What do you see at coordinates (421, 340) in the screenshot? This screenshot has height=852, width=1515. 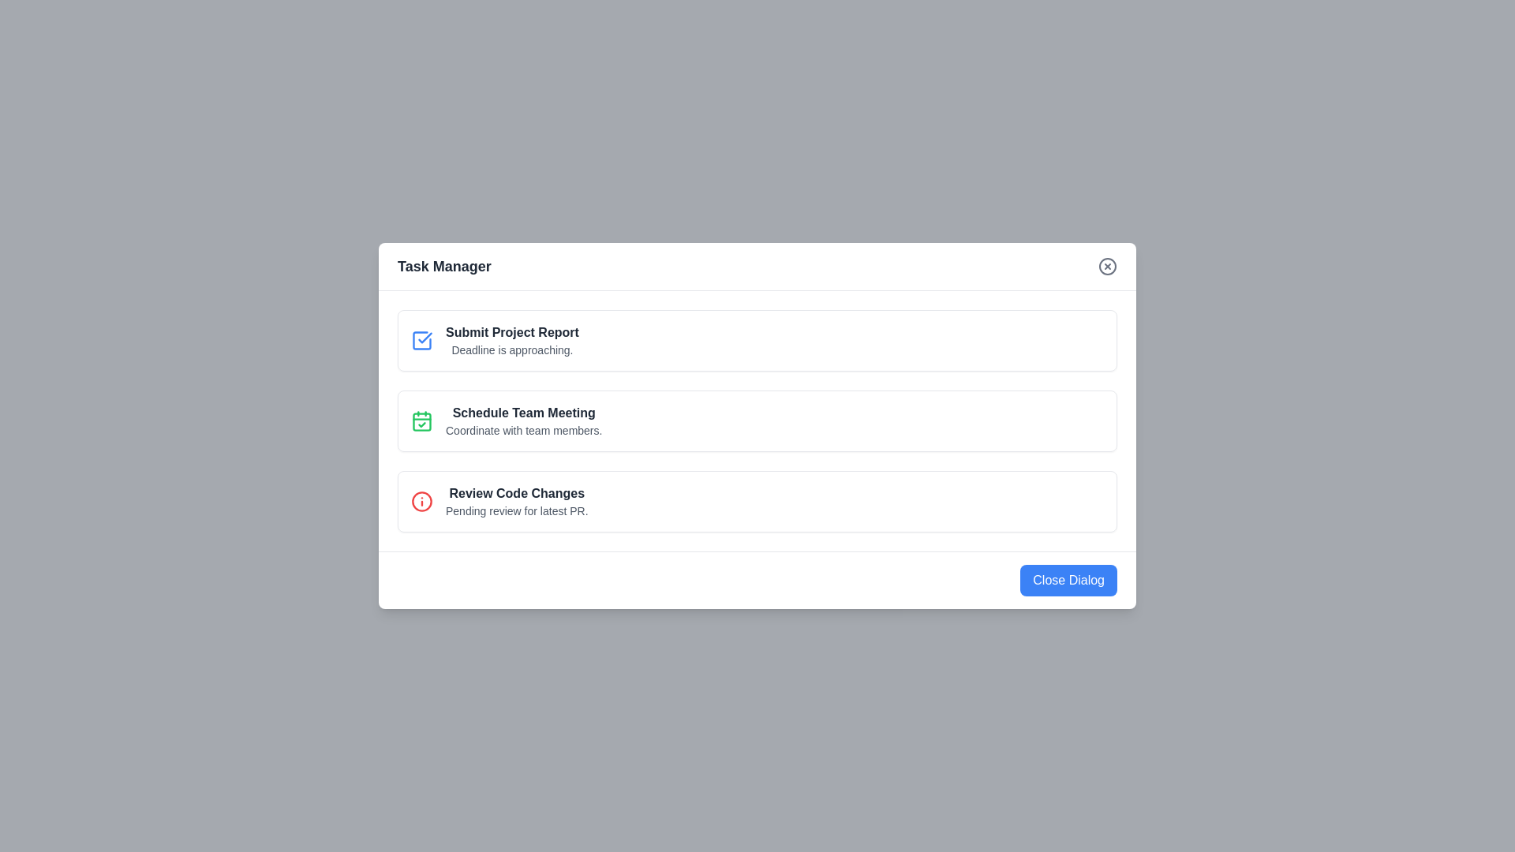 I see `the icon for the task titled 'Submit Project Report'` at bounding box center [421, 340].